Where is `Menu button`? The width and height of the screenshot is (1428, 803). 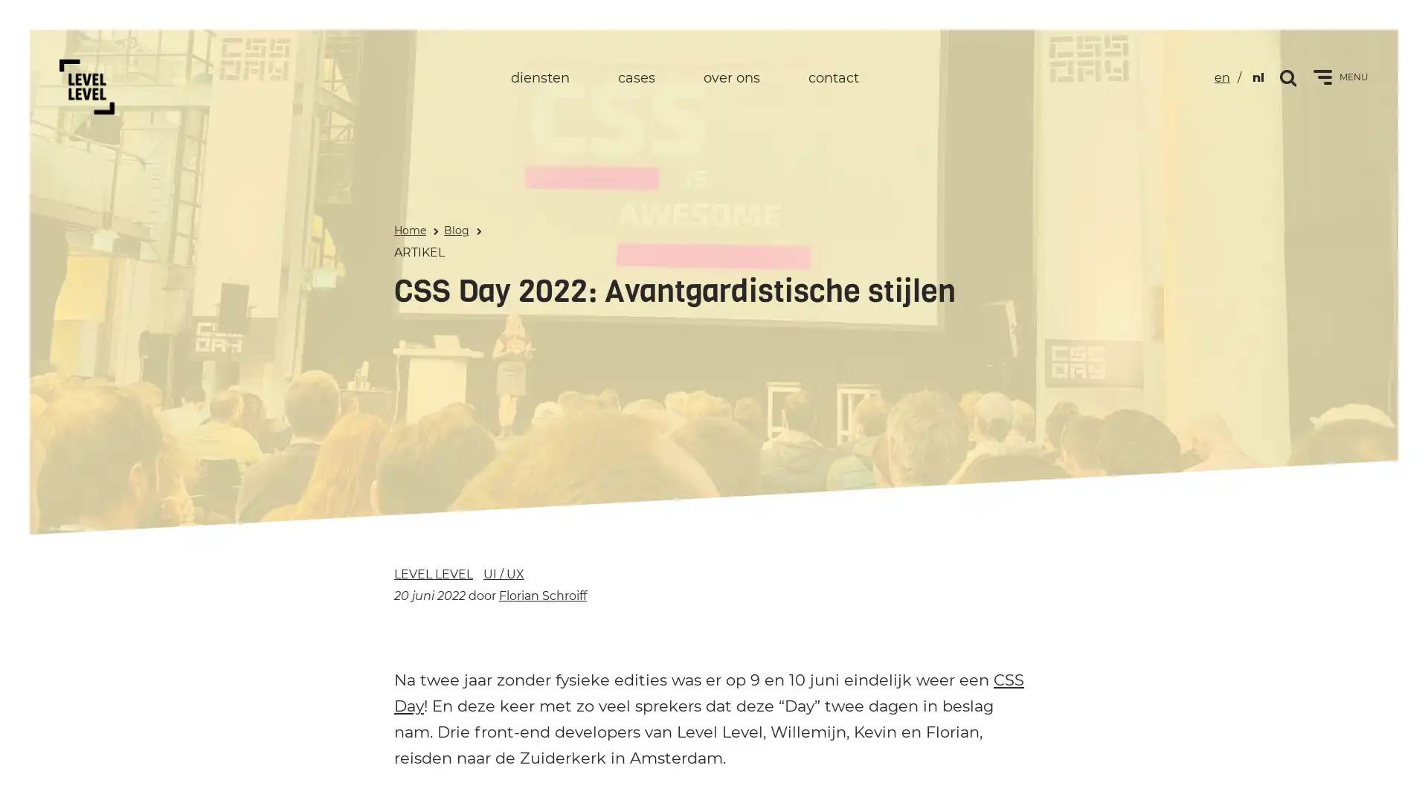 Menu button is located at coordinates (1322, 77).